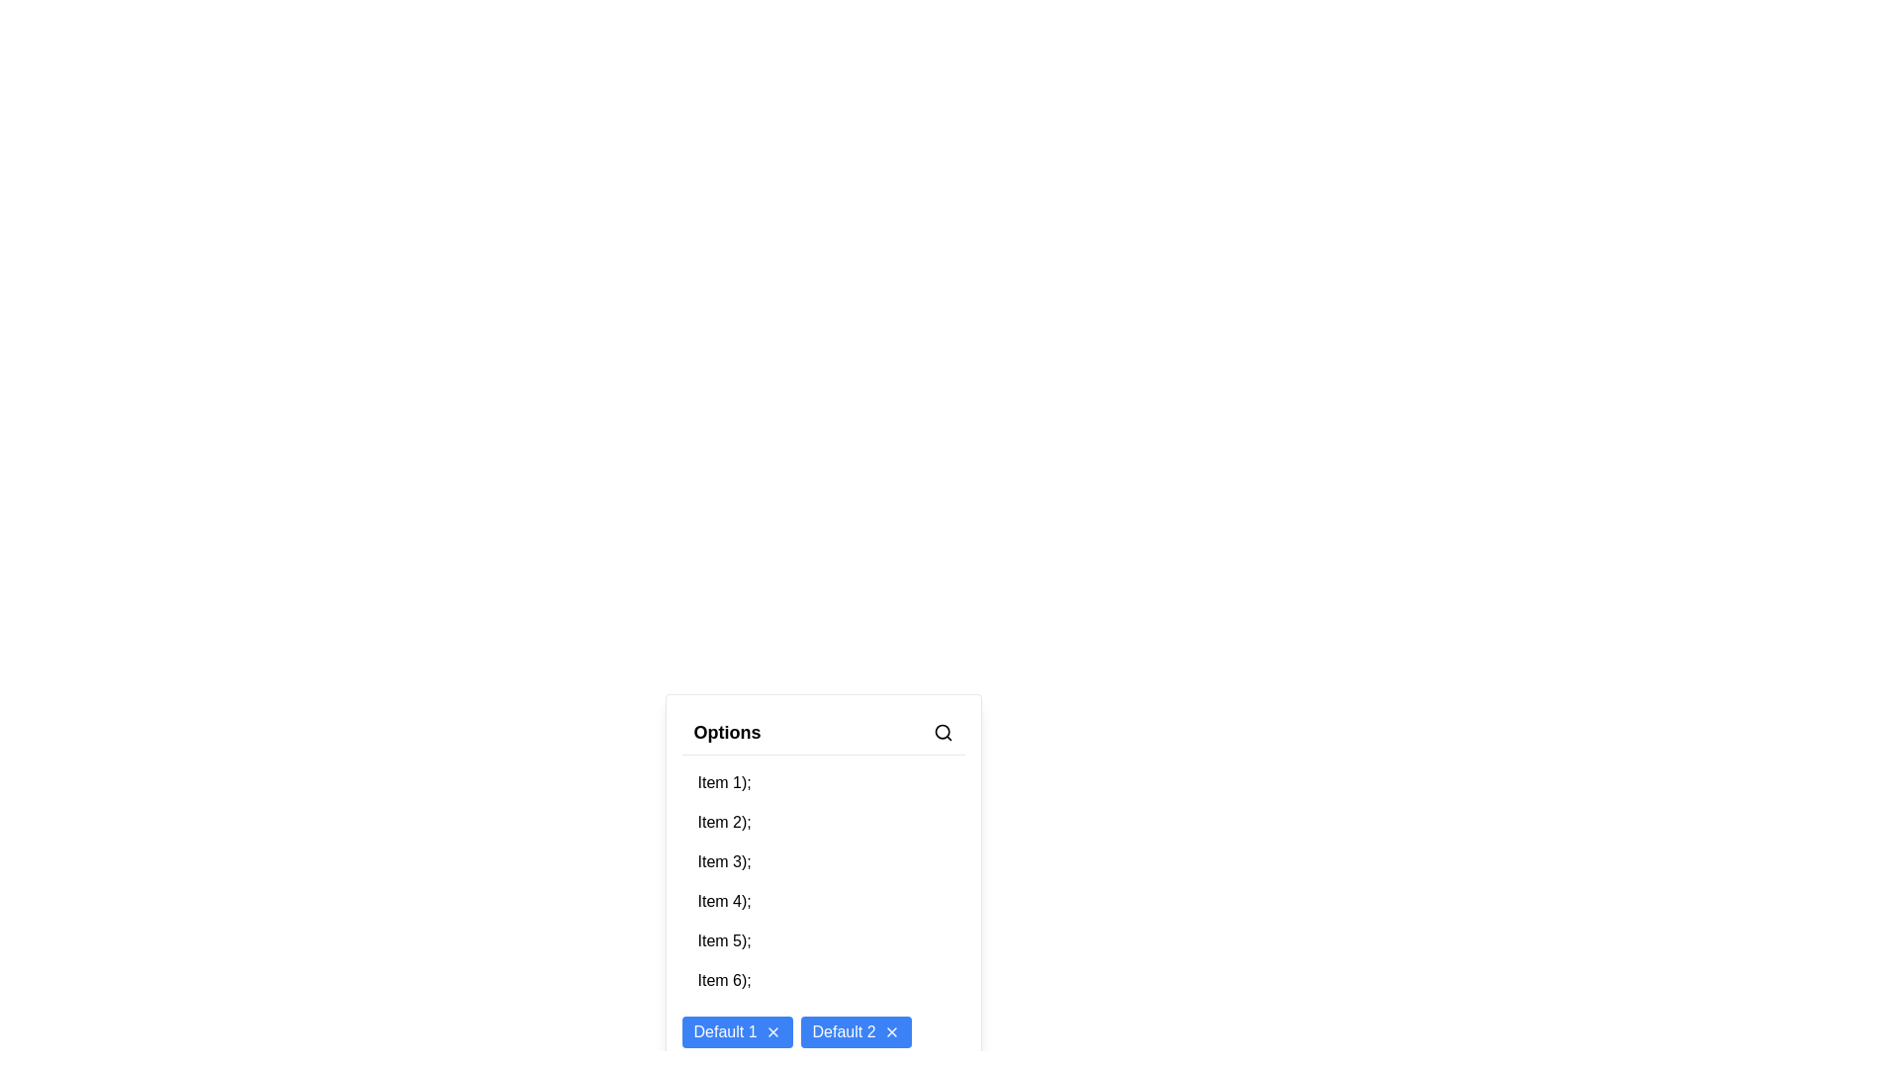 Image resolution: width=1899 pixels, height=1068 pixels. Describe the element at coordinates (856, 1031) in the screenshot. I see `the Closeable Button labeled 'Default 2'` at that location.